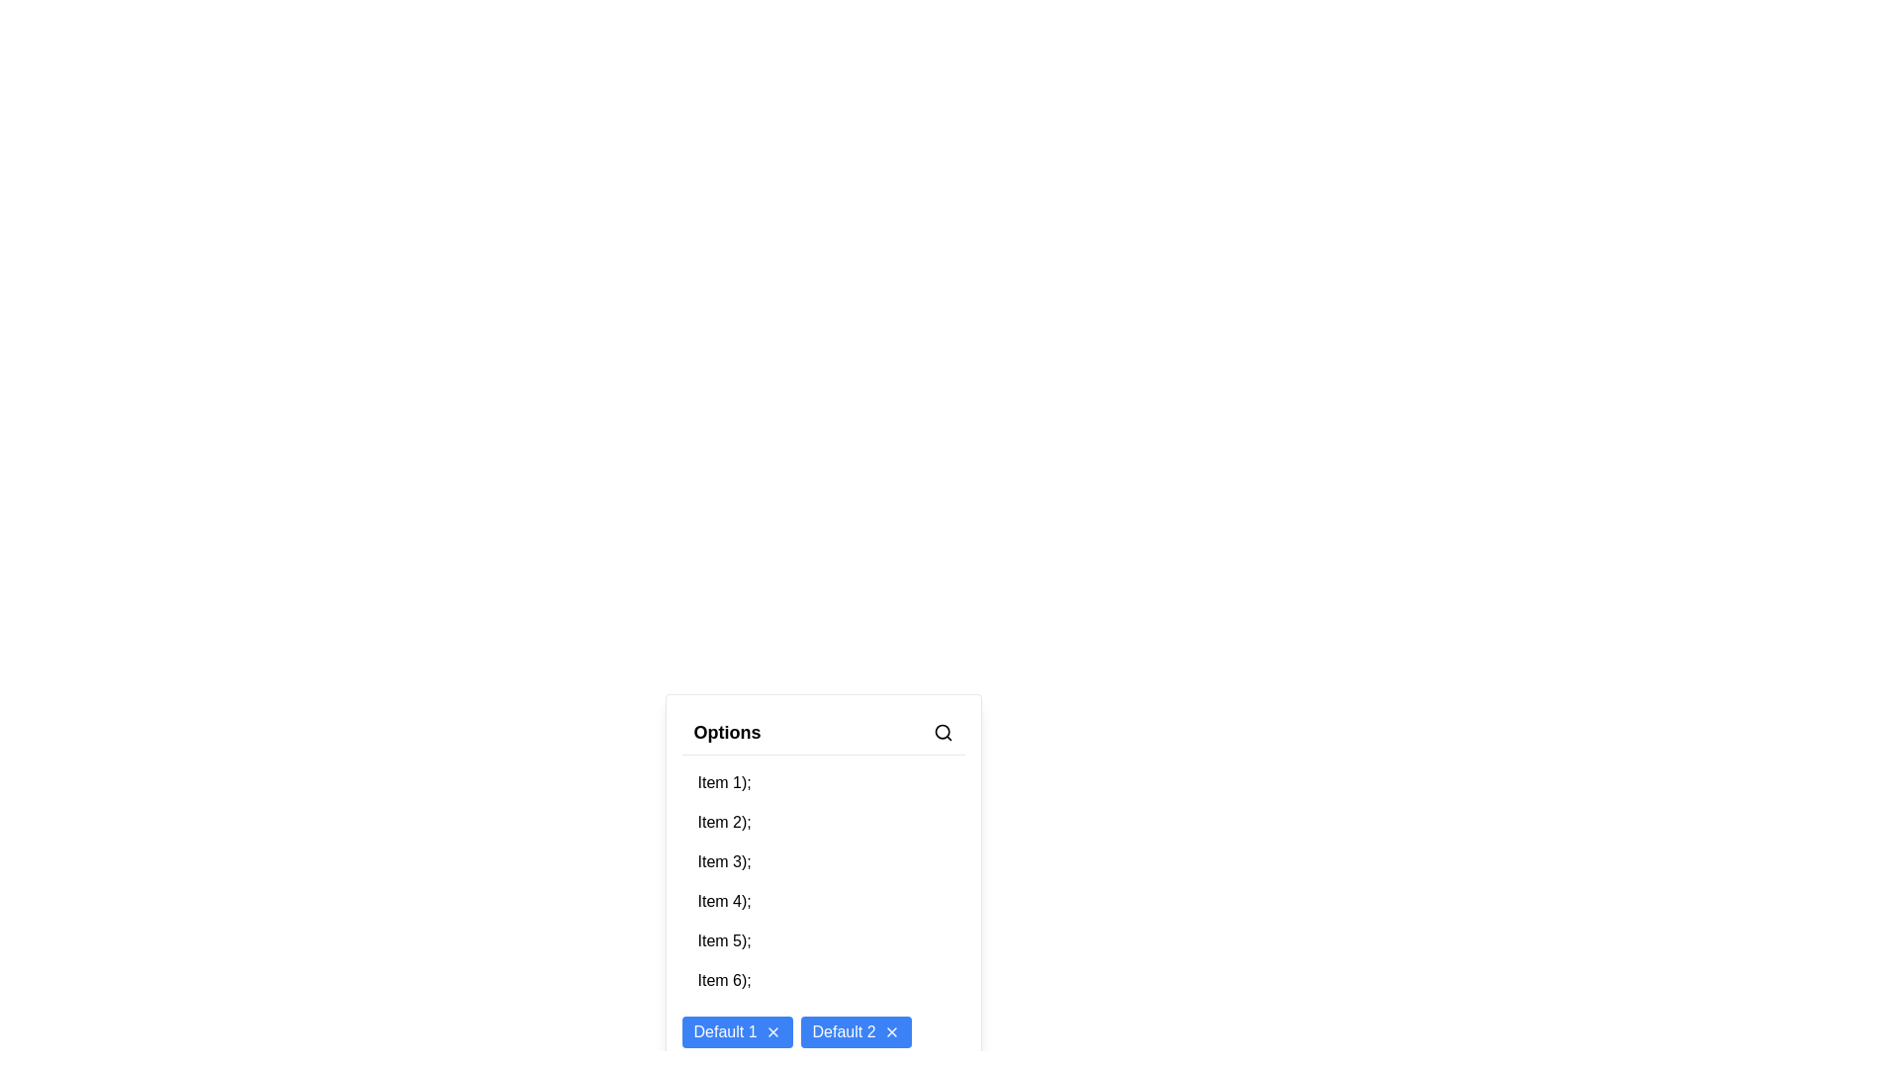 Image resolution: width=1899 pixels, height=1068 pixels. Describe the element at coordinates (856, 1031) in the screenshot. I see `the Closeable Button labeled 'Default 2'` at that location.